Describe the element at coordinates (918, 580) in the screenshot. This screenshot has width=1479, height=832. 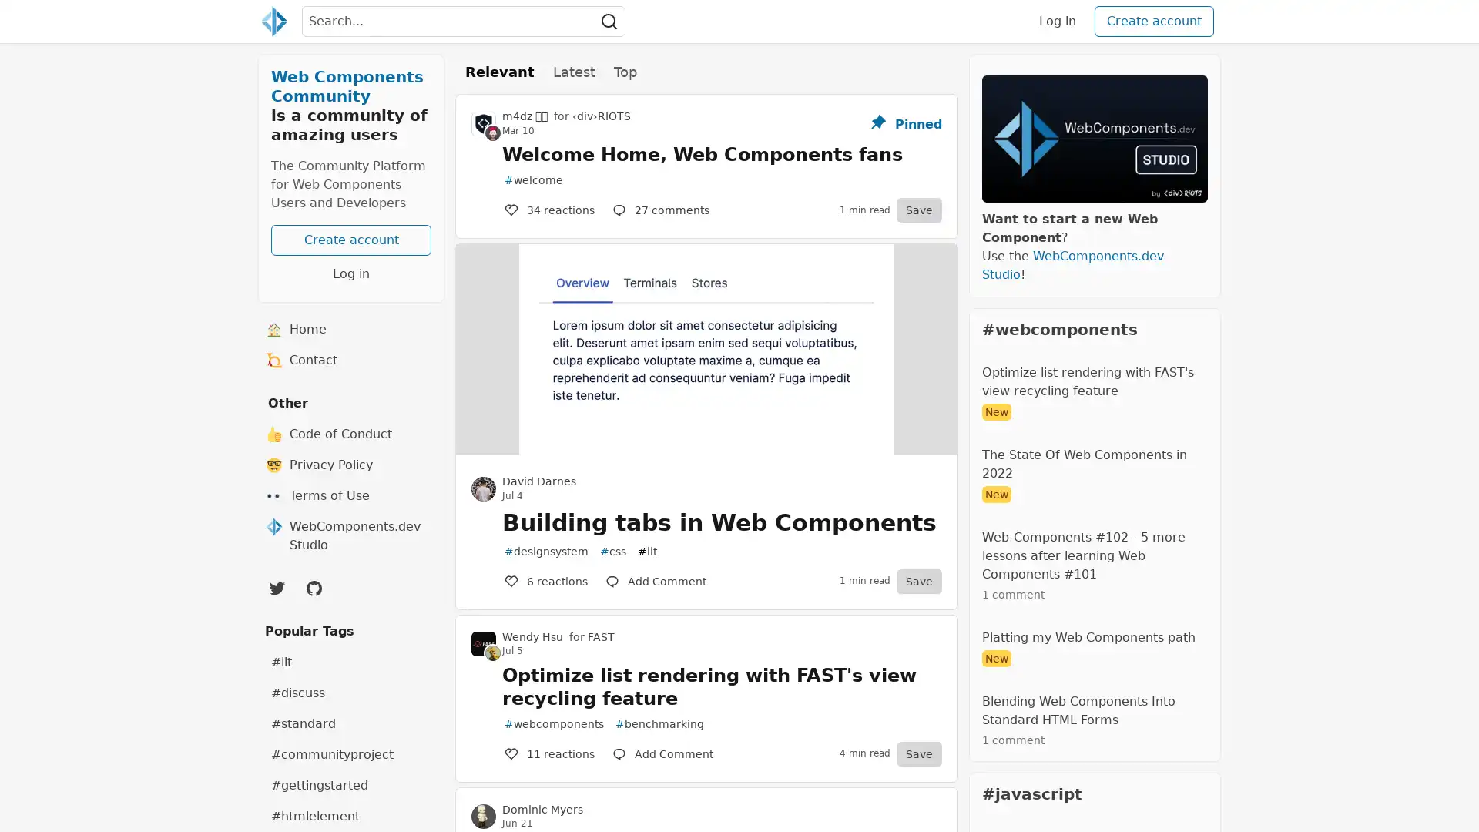
I see `Save to reading list` at that location.